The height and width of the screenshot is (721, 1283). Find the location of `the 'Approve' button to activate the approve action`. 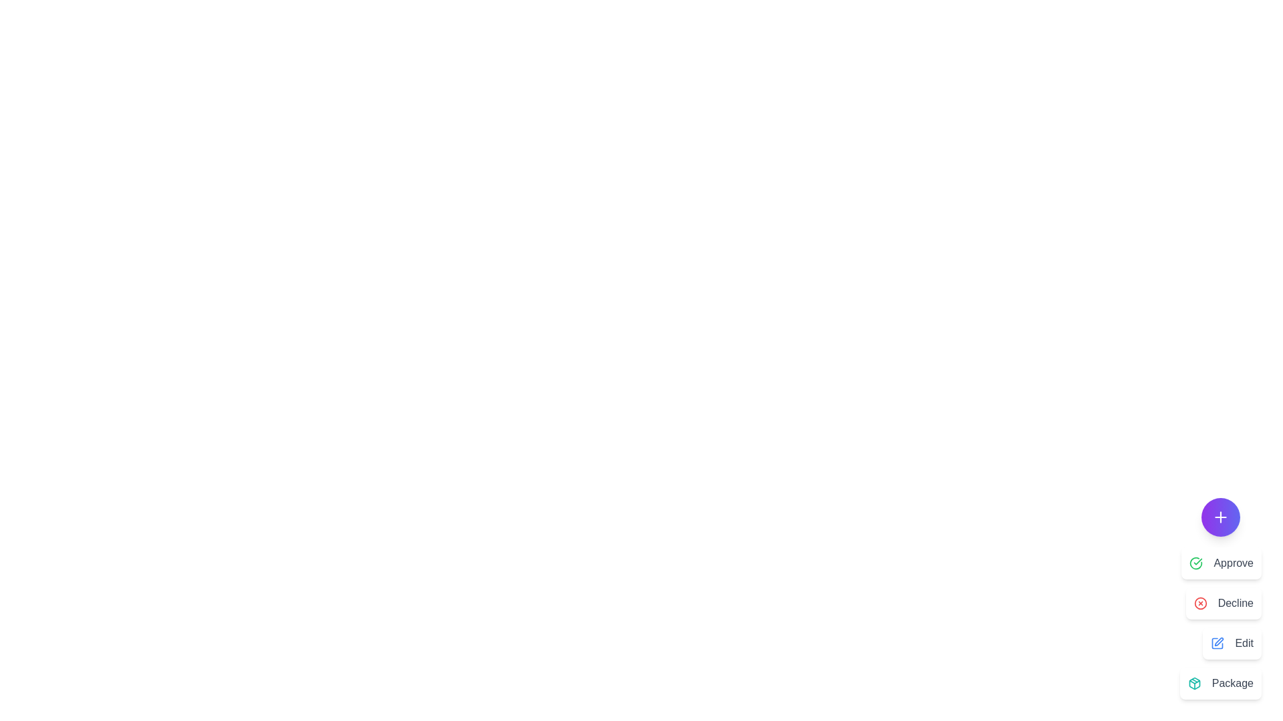

the 'Approve' button to activate the approve action is located at coordinates (1222, 563).